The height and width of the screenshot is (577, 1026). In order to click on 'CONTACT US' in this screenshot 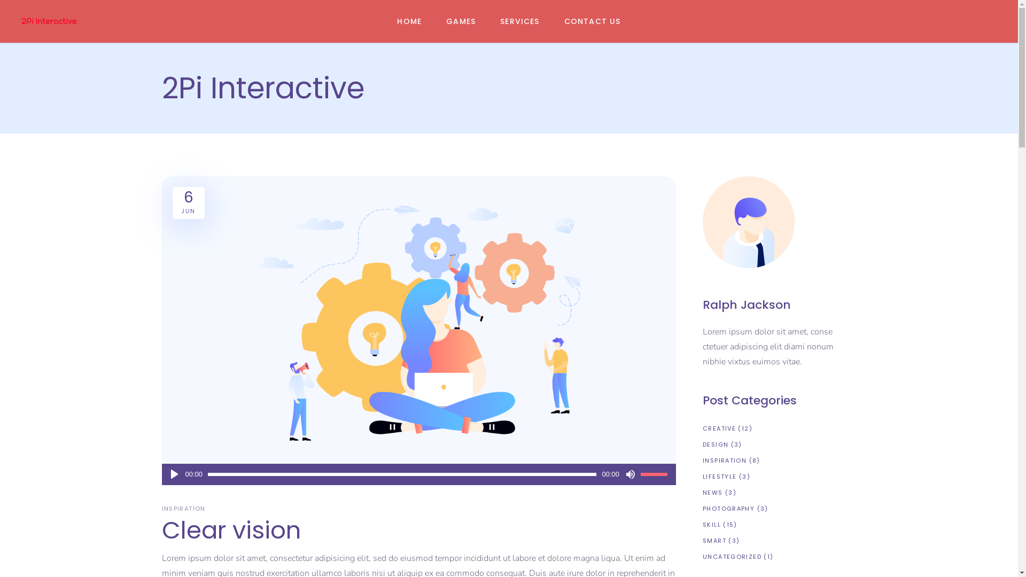, I will do `click(551, 21)`.